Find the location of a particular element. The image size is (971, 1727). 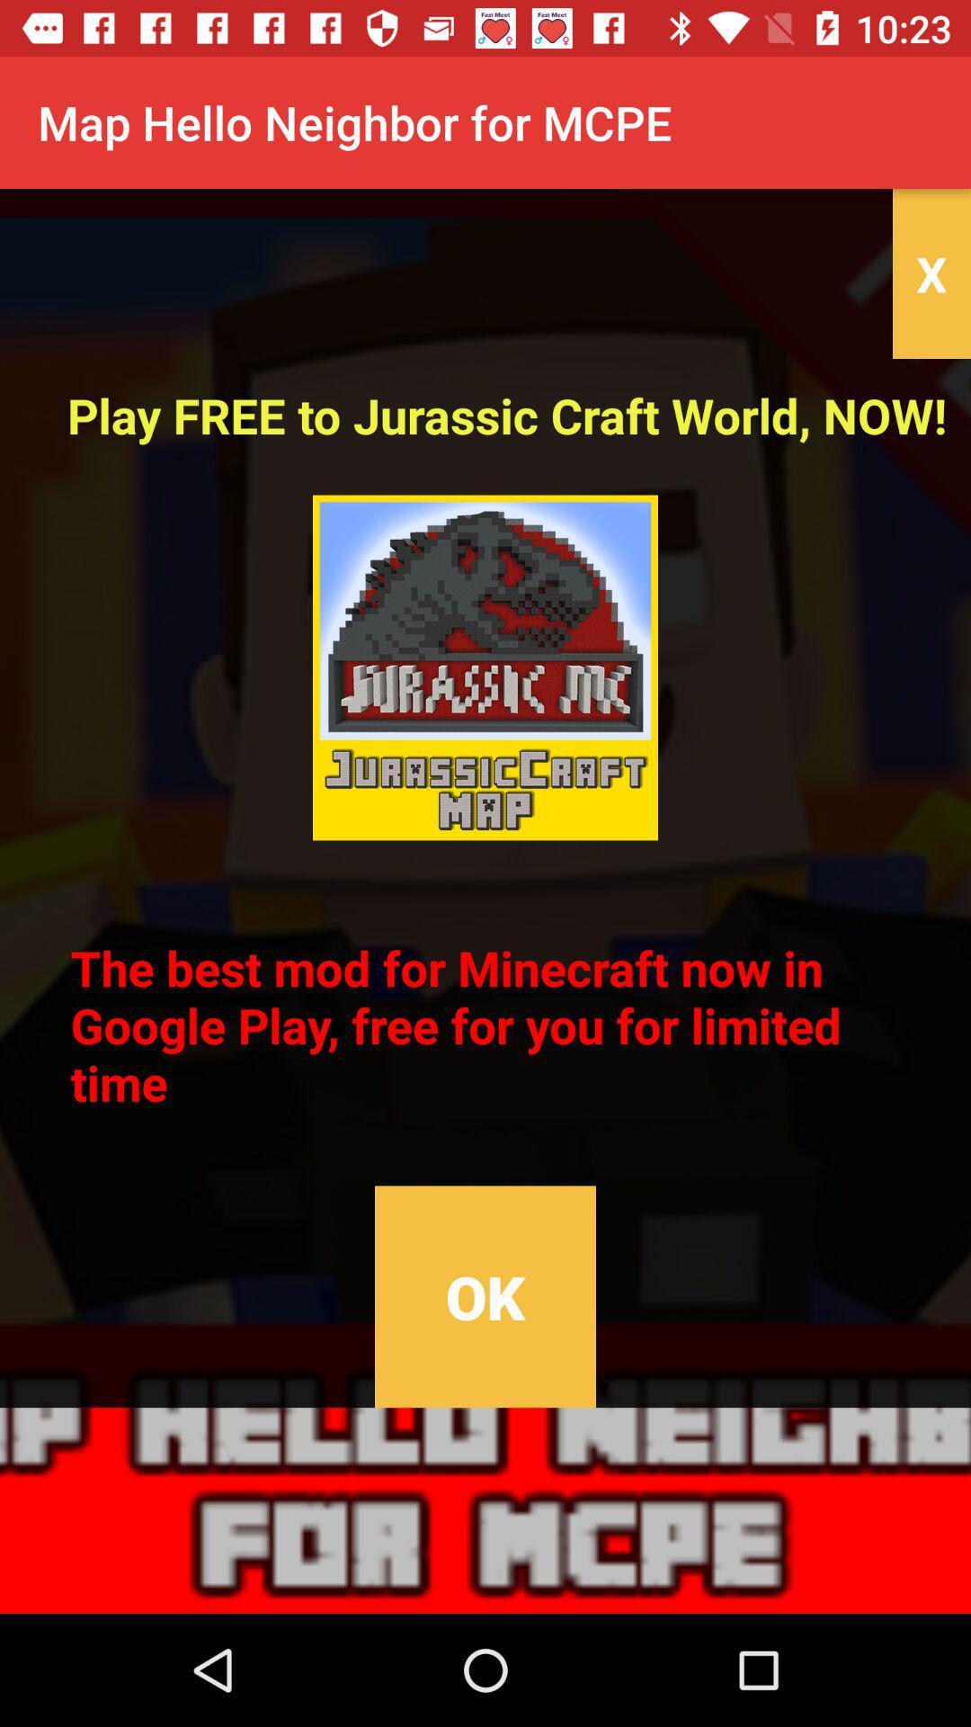

ok item is located at coordinates (485, 1296).